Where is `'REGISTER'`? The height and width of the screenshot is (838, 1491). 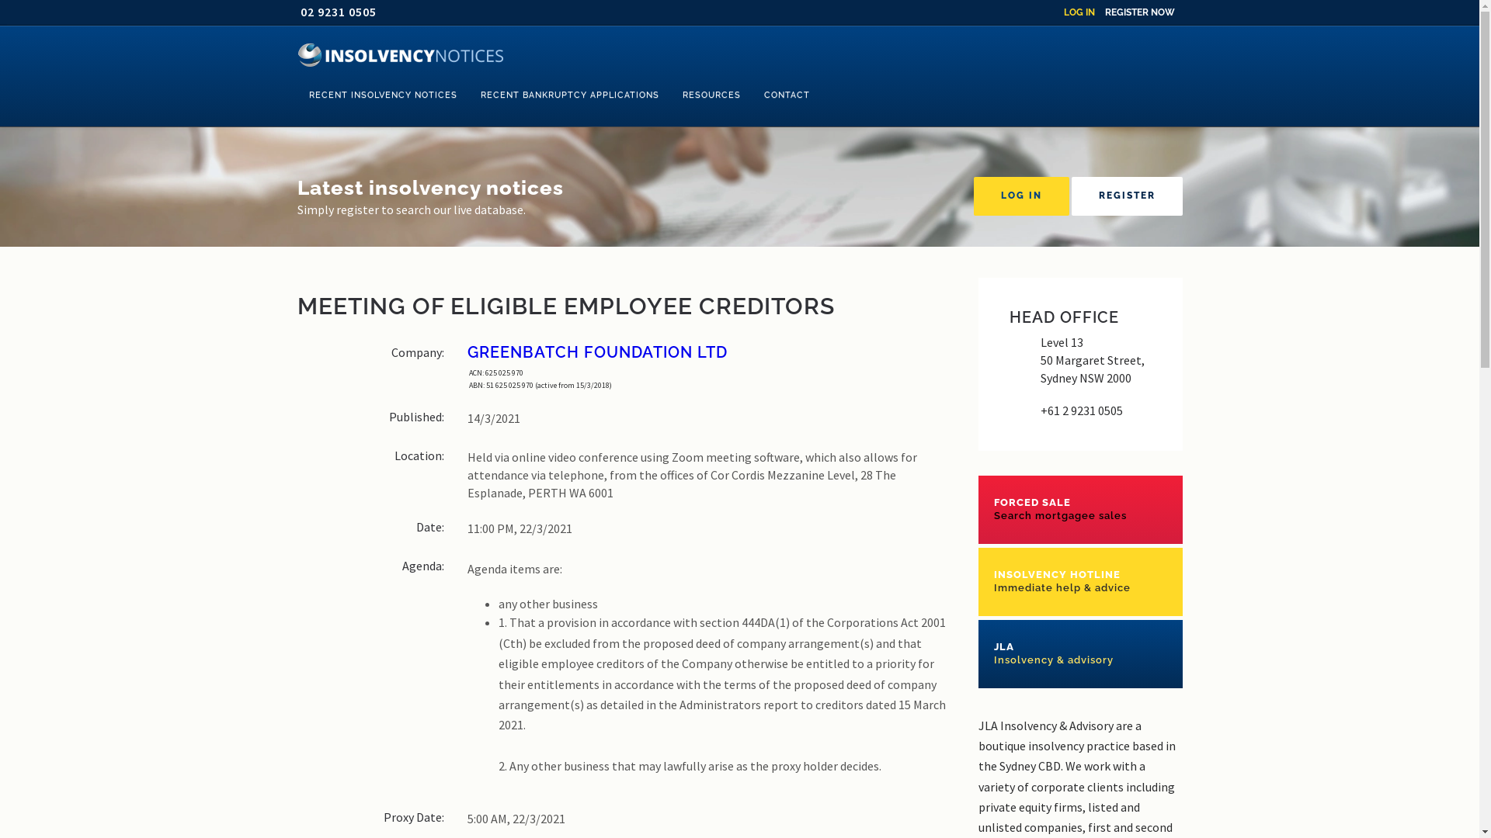 'REGISTER' is located at coordinates (1127, 196).